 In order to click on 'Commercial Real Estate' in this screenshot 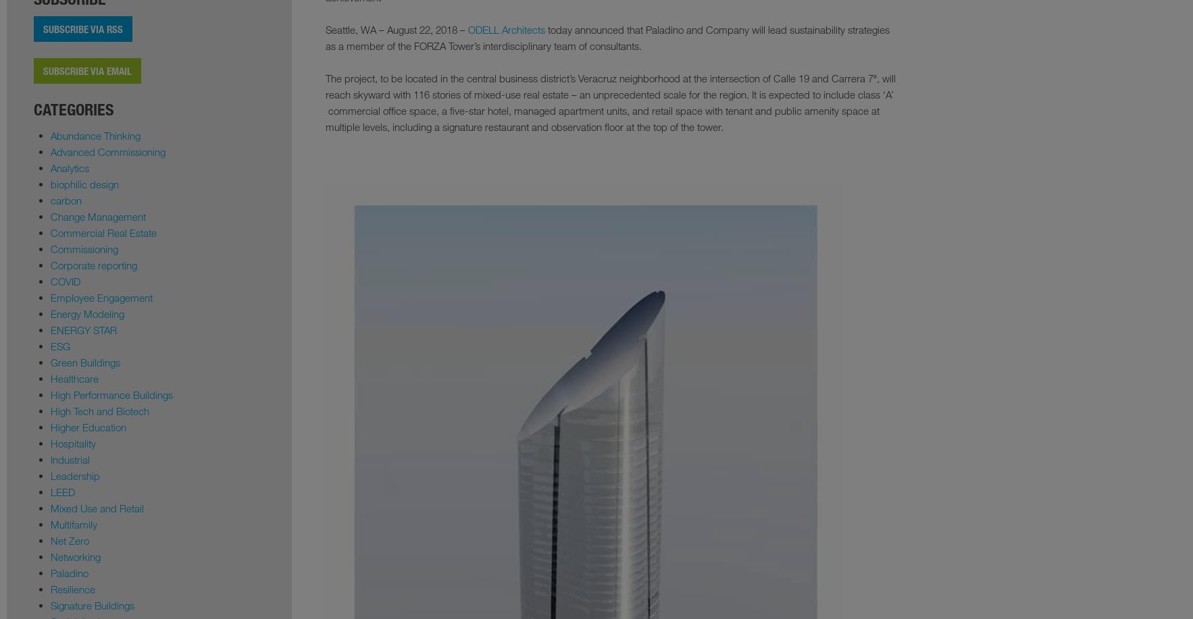, I will do `click(103, 232)`.